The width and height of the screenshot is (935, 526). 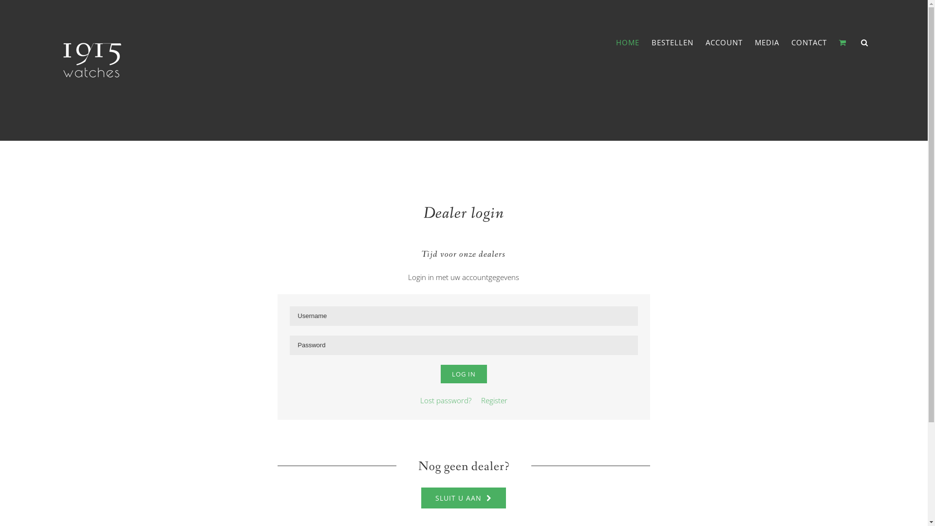 I want to click on 'MEDIA', so click(x=766, y=42).